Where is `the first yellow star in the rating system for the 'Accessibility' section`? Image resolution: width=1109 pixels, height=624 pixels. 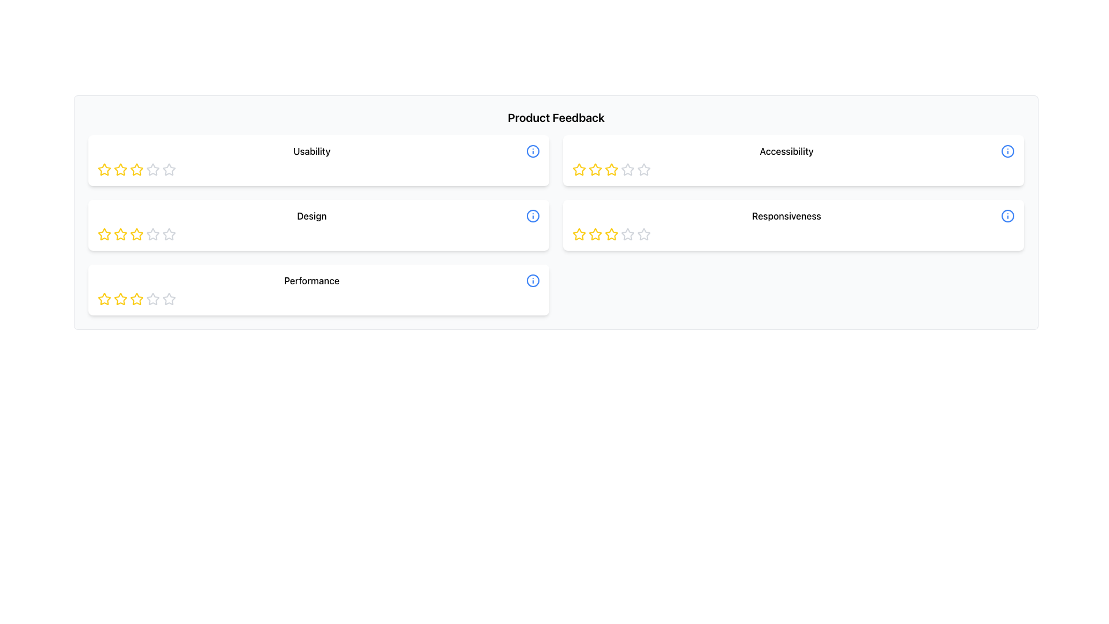 the first yellow star in the rating system for the 'Accessibility' section is located at coordinates (579, 169).